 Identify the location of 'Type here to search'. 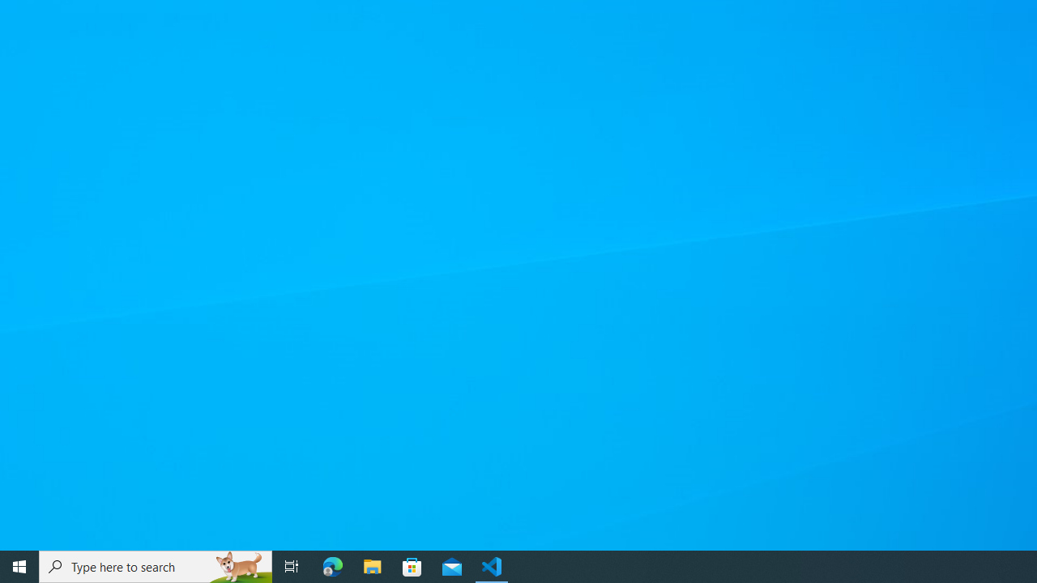
(156, 565).